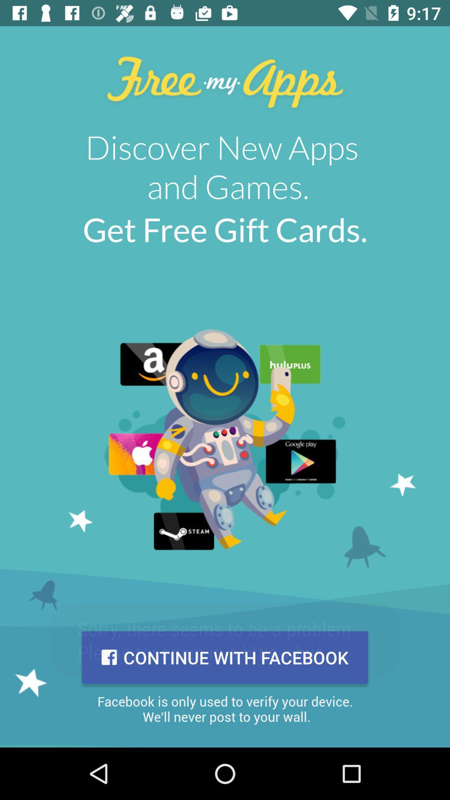 The image size is (450, 800). I want to click on continue with facebook icon, so click(225, 657).